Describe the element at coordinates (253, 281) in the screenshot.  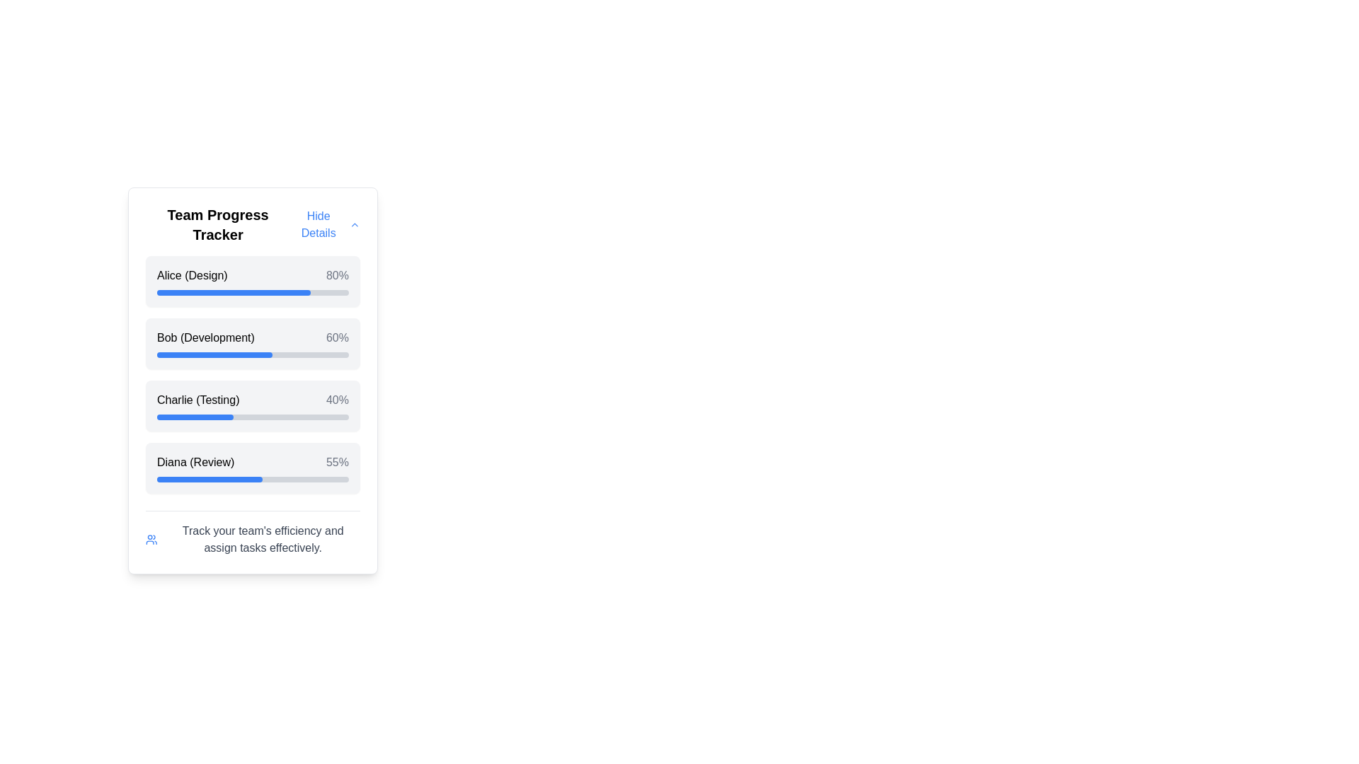
I see `the Progress Indicator representing Alice's task in the 'Design' category, showing 80% completion` at that location.